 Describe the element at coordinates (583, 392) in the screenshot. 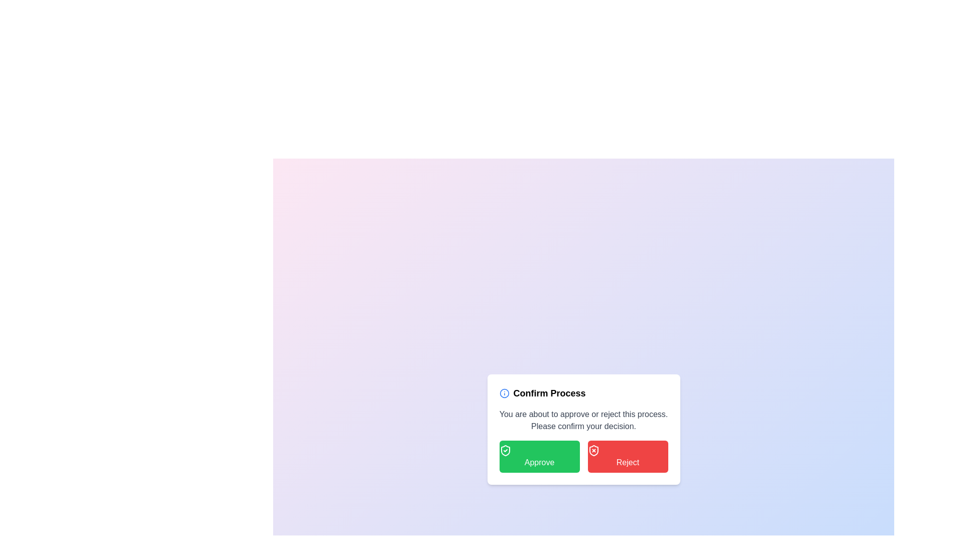

I see `information displayed in the Header of the modal dialog titled 'Confirm Process', which is located at the upper part of the dialog box` at that location.